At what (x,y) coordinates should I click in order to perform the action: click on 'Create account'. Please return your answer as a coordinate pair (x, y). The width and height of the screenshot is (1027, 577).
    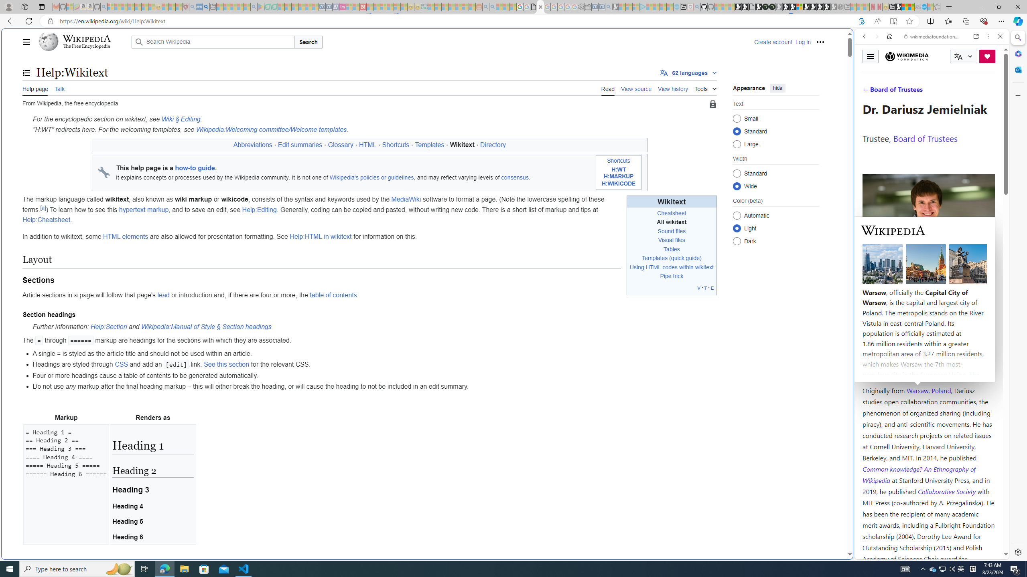
    Looking at the image, I should click on (772, 41).